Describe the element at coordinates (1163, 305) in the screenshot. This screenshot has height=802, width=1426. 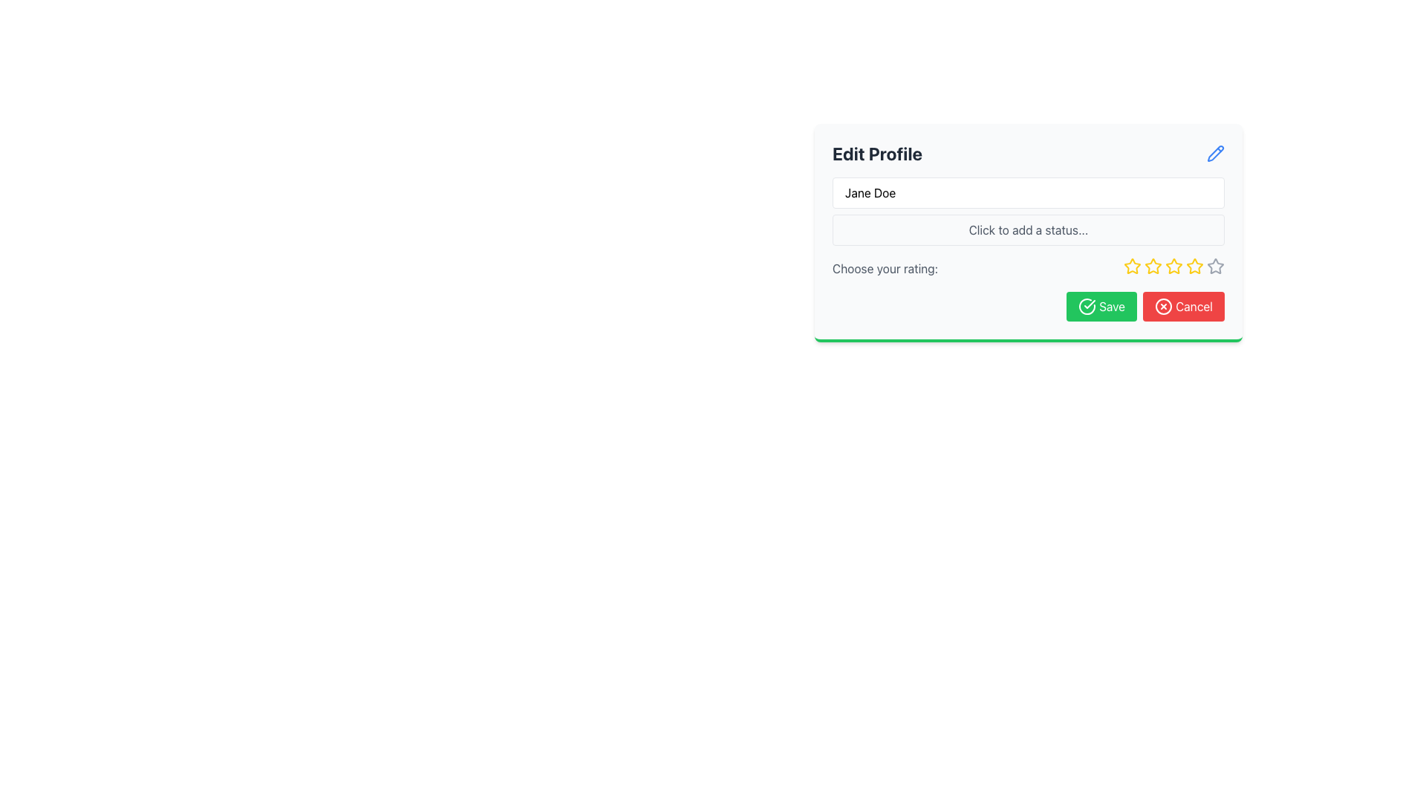
I see `the SVG icon depicting a circle with an 'X' inside it, which is located on the left side of the 'Cancel' button at the bottom-right of the dialog box` at that location.